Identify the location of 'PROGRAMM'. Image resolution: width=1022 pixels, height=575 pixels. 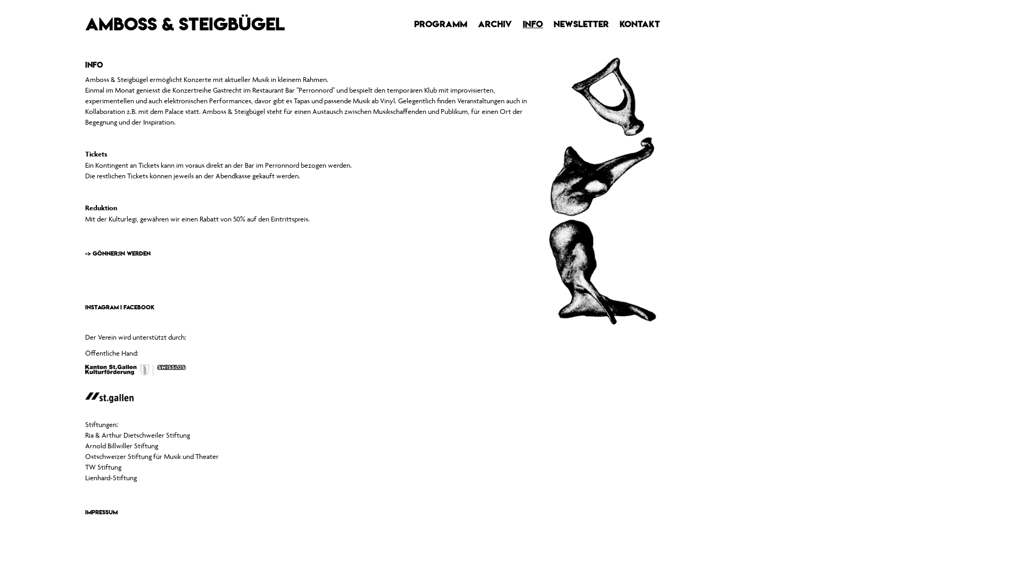
(441, 24).